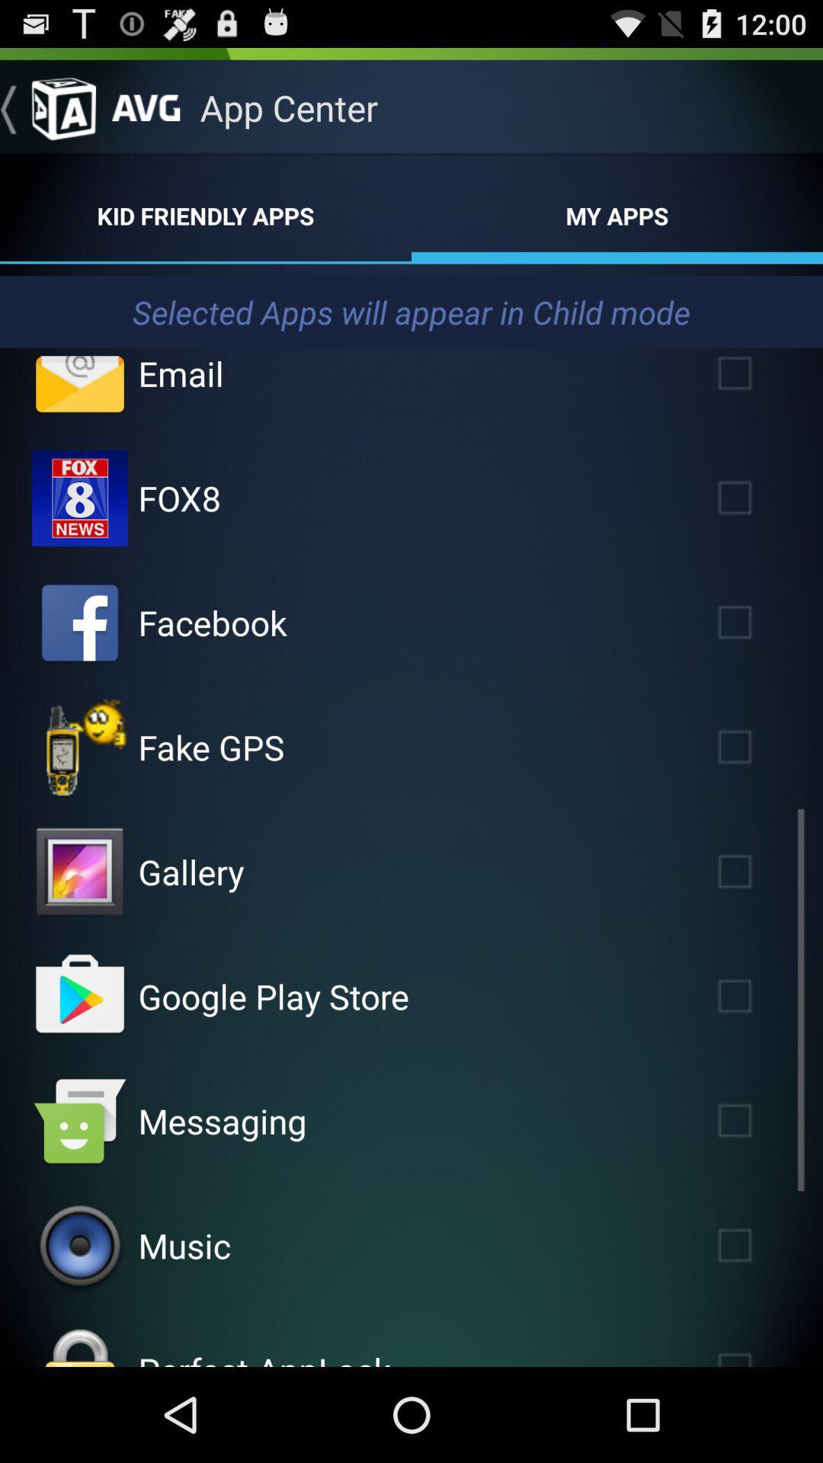 Image resolution: width=823 pixels, height=1463 pixels. Describe the element at coordinates (178, 498) in the screenshot. I see `the fox8 item` at that location.